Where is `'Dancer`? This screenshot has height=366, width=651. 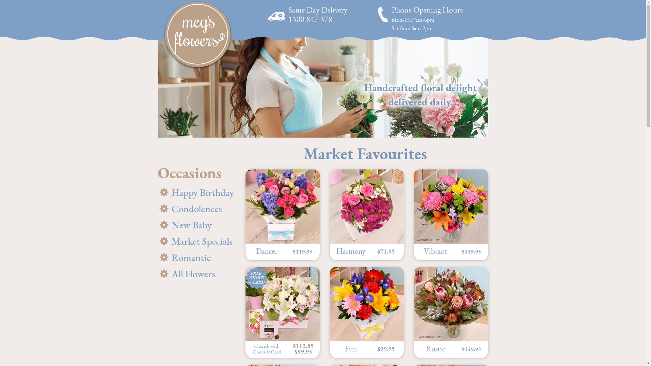
'Dancer is located at coordinates (282, 215).